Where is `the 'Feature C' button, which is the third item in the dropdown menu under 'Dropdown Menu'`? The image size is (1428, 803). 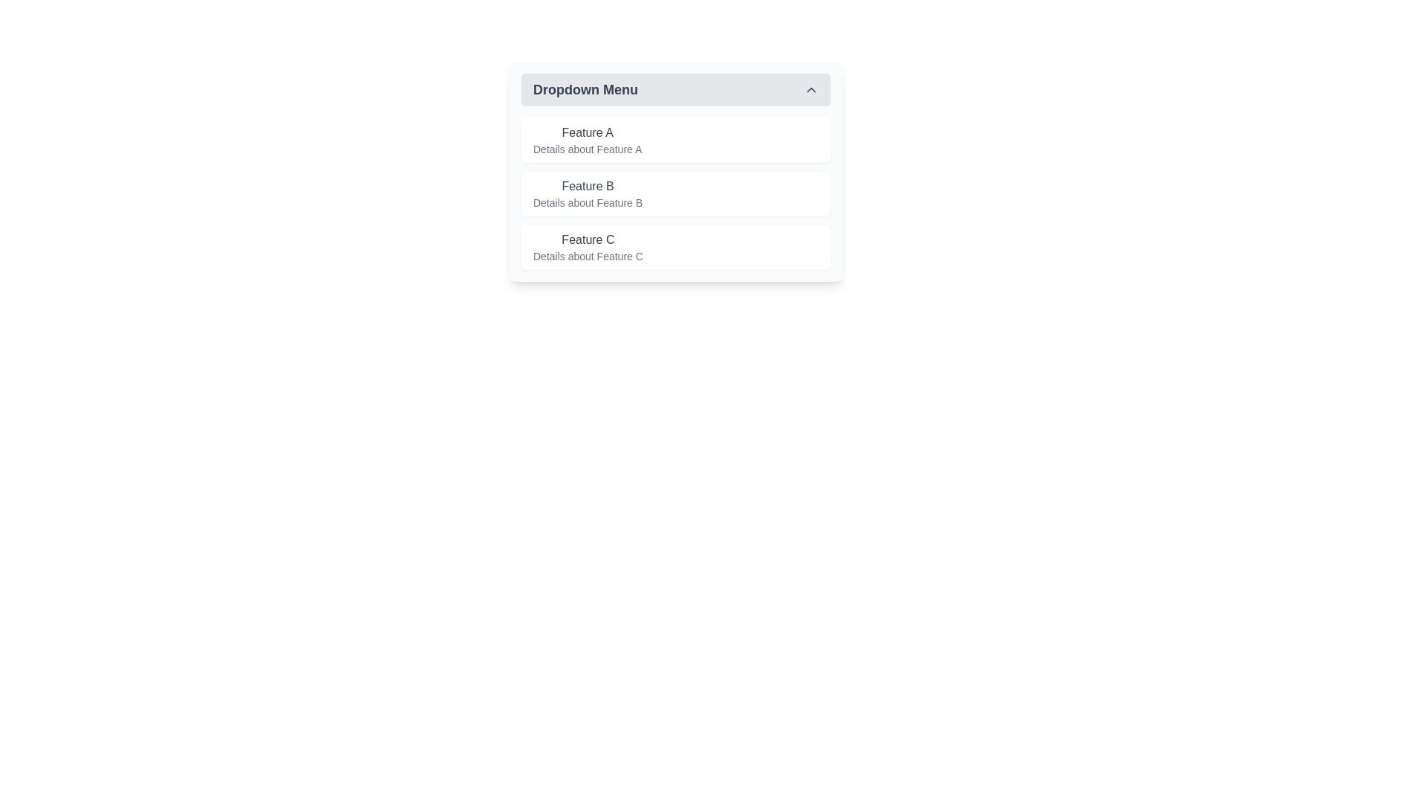
the 'Feature C' button, which is the third item in the dropdown menu under 'Dropdown Menu' is located at coordinates (587, 246).